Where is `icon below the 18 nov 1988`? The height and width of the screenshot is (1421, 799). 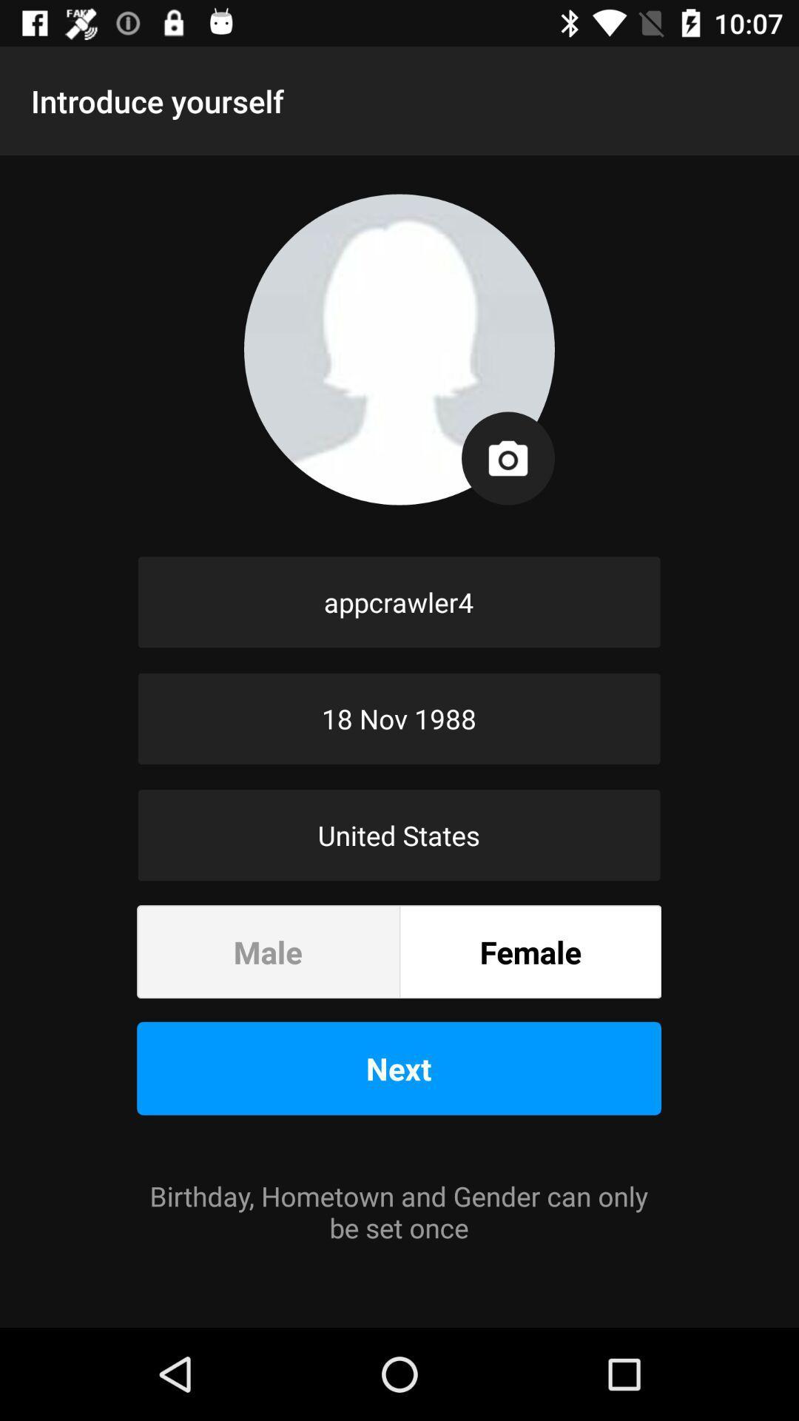 icon below the 18 nov 1988 is located at coordinates (398, 835).